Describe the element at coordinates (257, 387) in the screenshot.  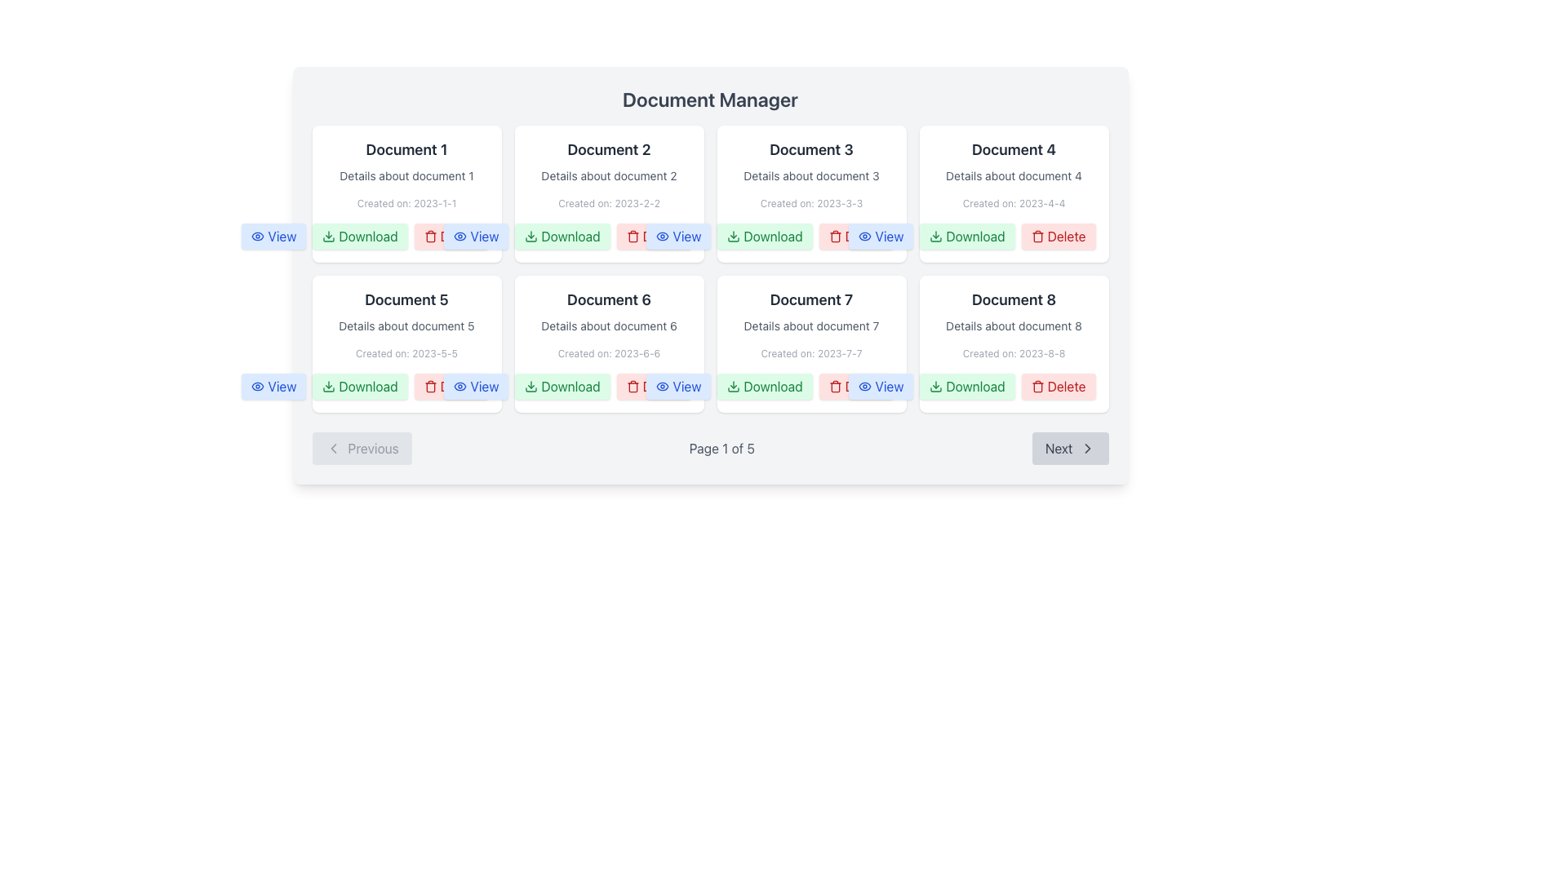
I see `the eye icon embedded within the 'View' button for 'Document 5' in the document manager grid` at that location.